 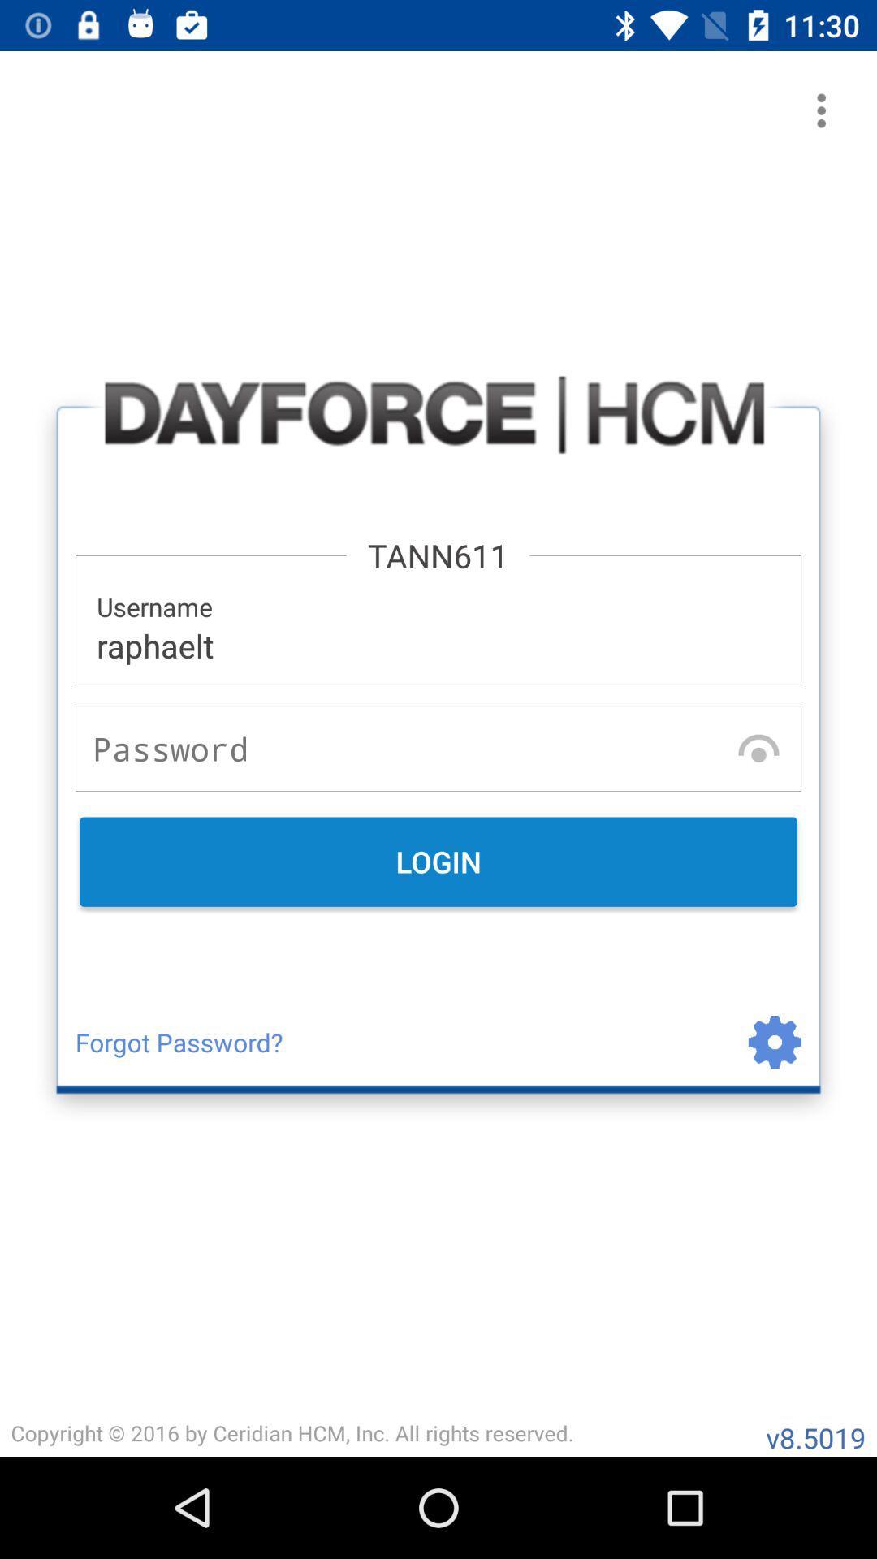 I want to click on the settings icon, so click(x=741, y=1042).